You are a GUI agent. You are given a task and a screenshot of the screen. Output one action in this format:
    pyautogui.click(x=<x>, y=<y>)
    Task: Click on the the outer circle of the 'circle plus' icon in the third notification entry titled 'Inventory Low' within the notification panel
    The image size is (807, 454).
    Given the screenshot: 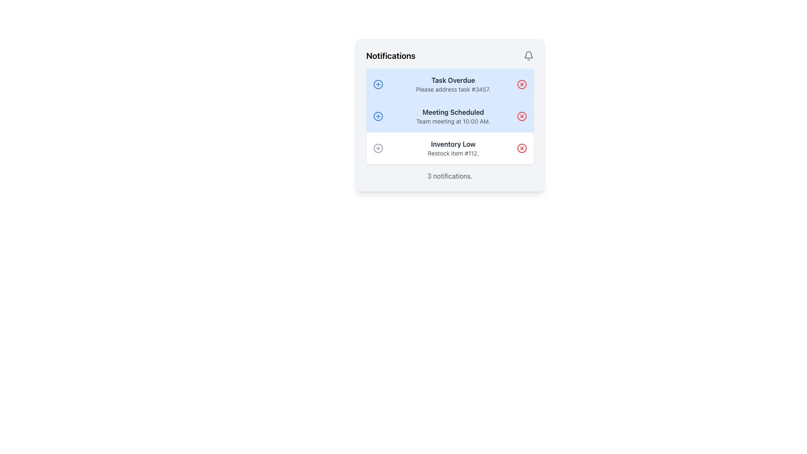 What is the action you would take?
    pyautogui.click(x=377, y=148)
    